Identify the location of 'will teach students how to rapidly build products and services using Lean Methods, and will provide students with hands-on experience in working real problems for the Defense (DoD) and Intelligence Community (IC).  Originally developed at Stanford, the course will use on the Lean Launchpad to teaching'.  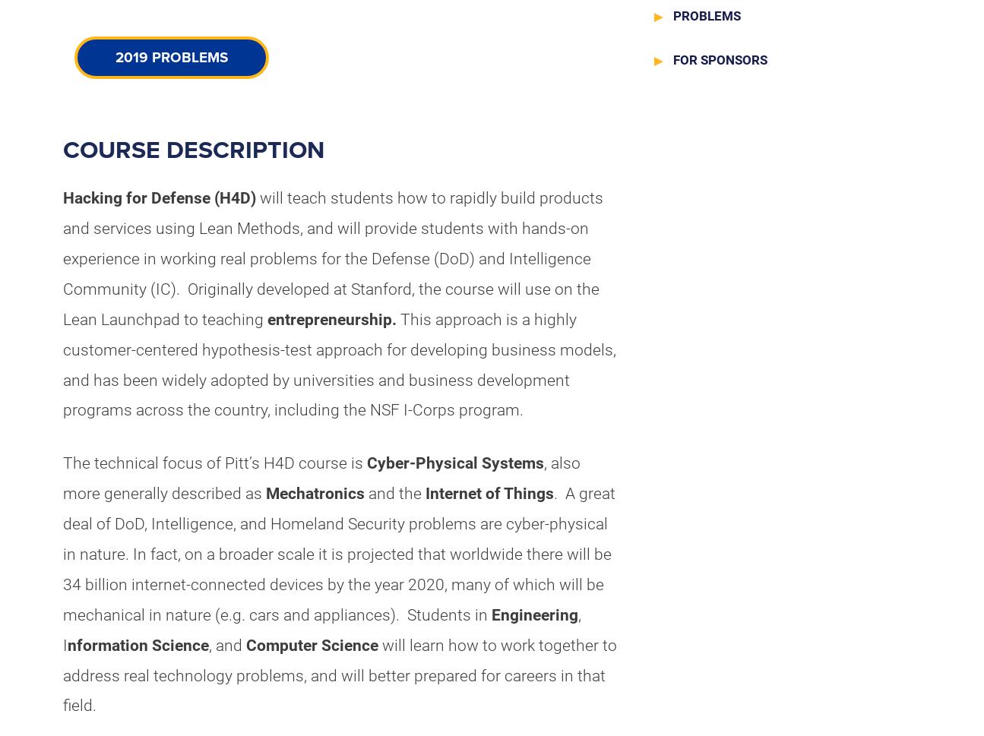
(331, 257).